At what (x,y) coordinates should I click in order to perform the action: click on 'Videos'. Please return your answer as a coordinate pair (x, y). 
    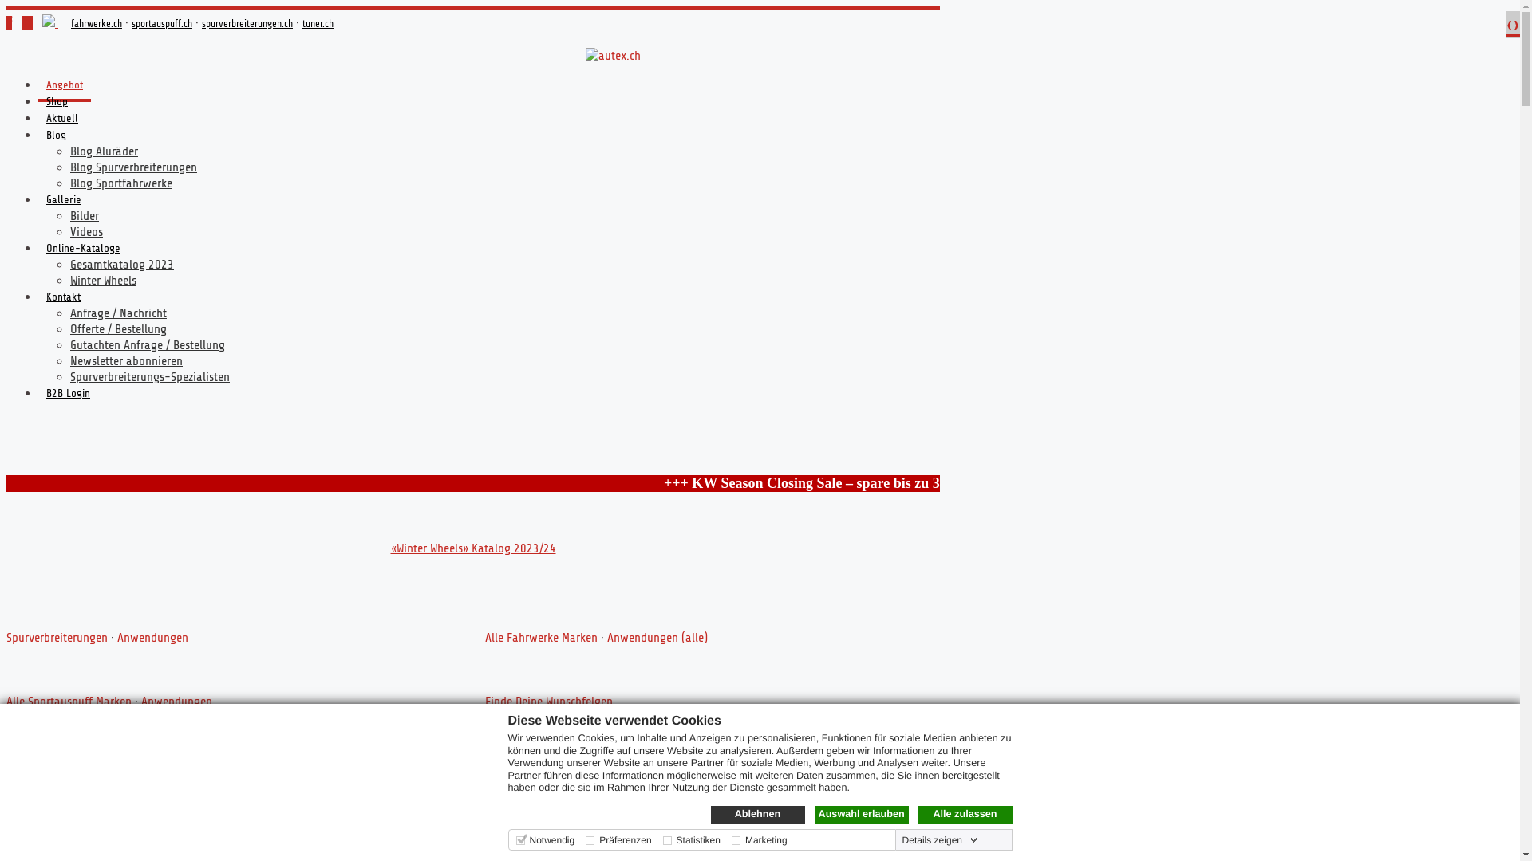
    Looking at the image, I should click on (69, 231).